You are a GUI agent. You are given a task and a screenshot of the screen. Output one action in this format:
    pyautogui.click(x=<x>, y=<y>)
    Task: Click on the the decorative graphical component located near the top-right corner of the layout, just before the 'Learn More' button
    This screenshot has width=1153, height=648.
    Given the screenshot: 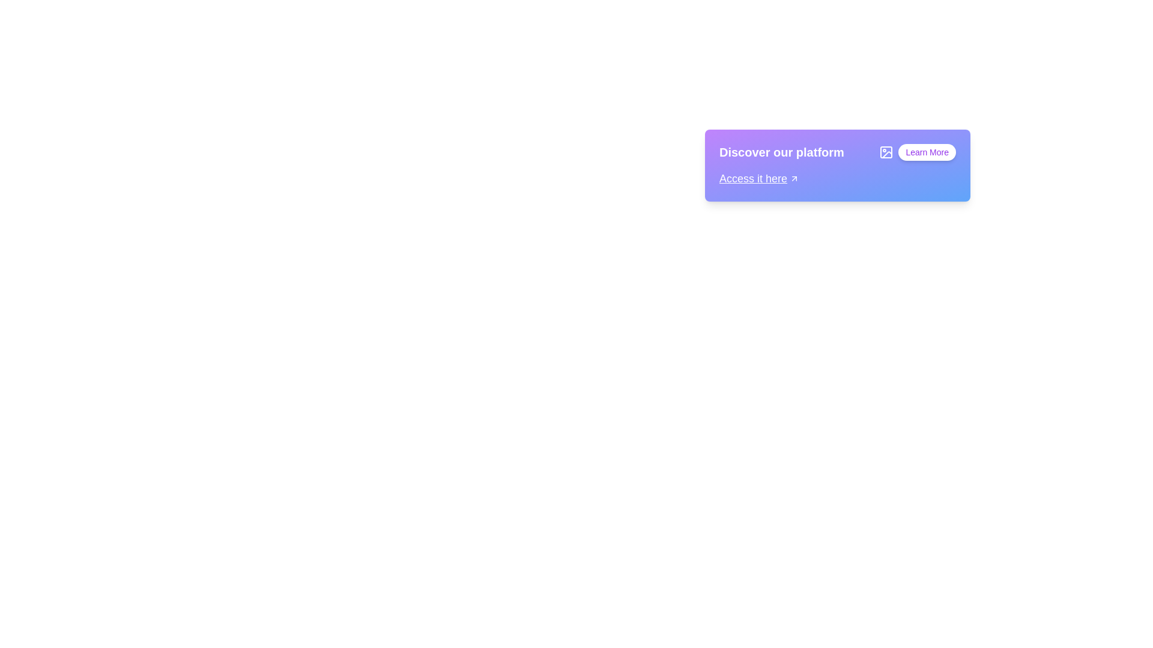 What is the action you would take?
    pyautogui.click(x=886, y=152)
    